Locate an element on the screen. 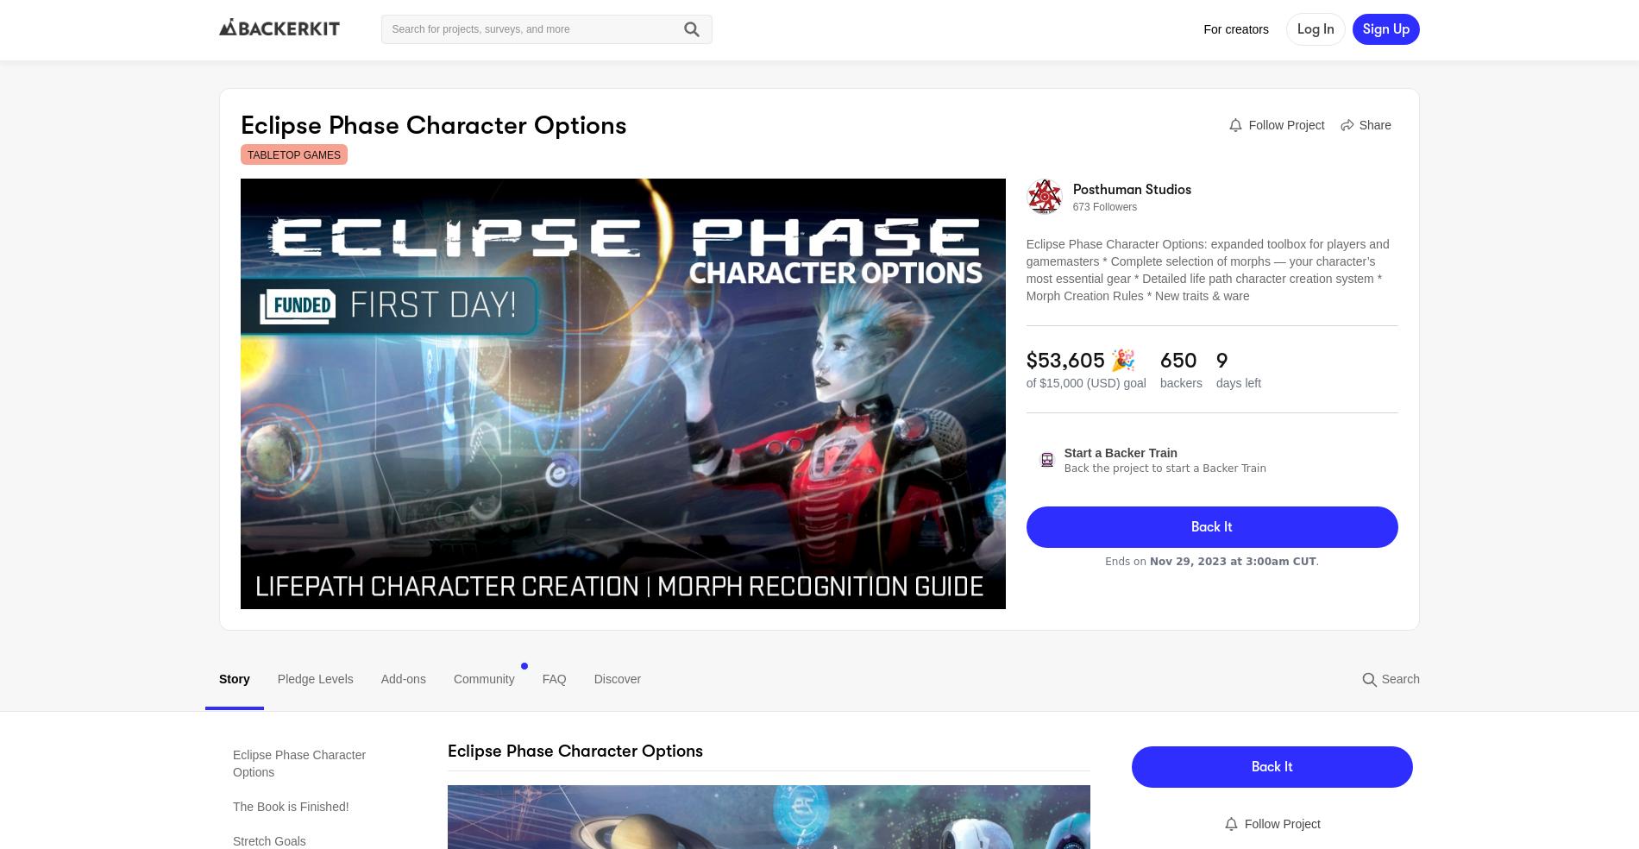 The width and height of the screenshot is (1639, 849). 'Pledge Levels' is located at coordinates (313, 678).